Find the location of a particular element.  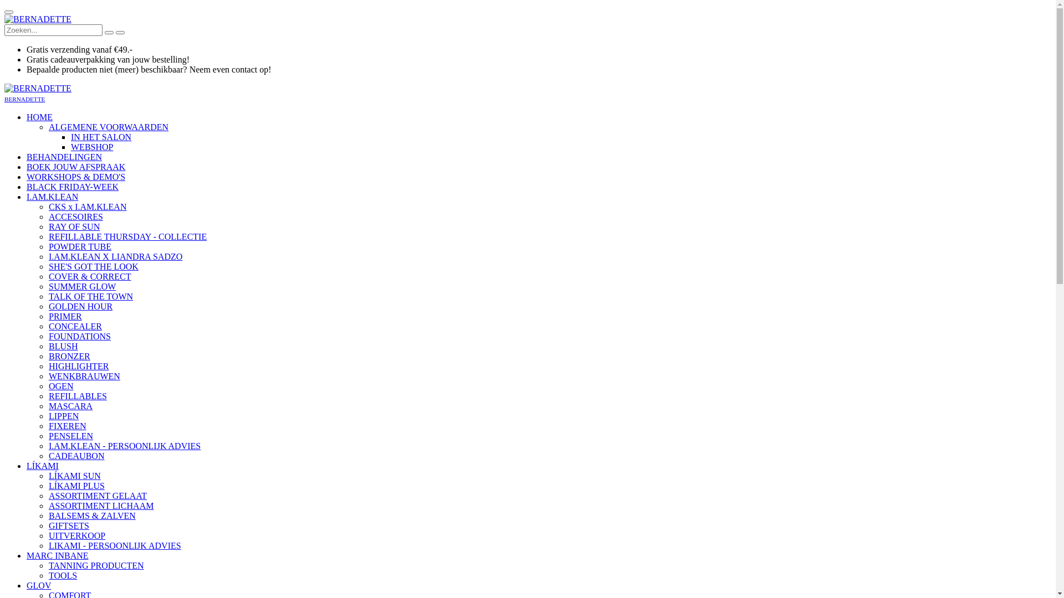

'TOOLS' is located at coordinates (62, 575).